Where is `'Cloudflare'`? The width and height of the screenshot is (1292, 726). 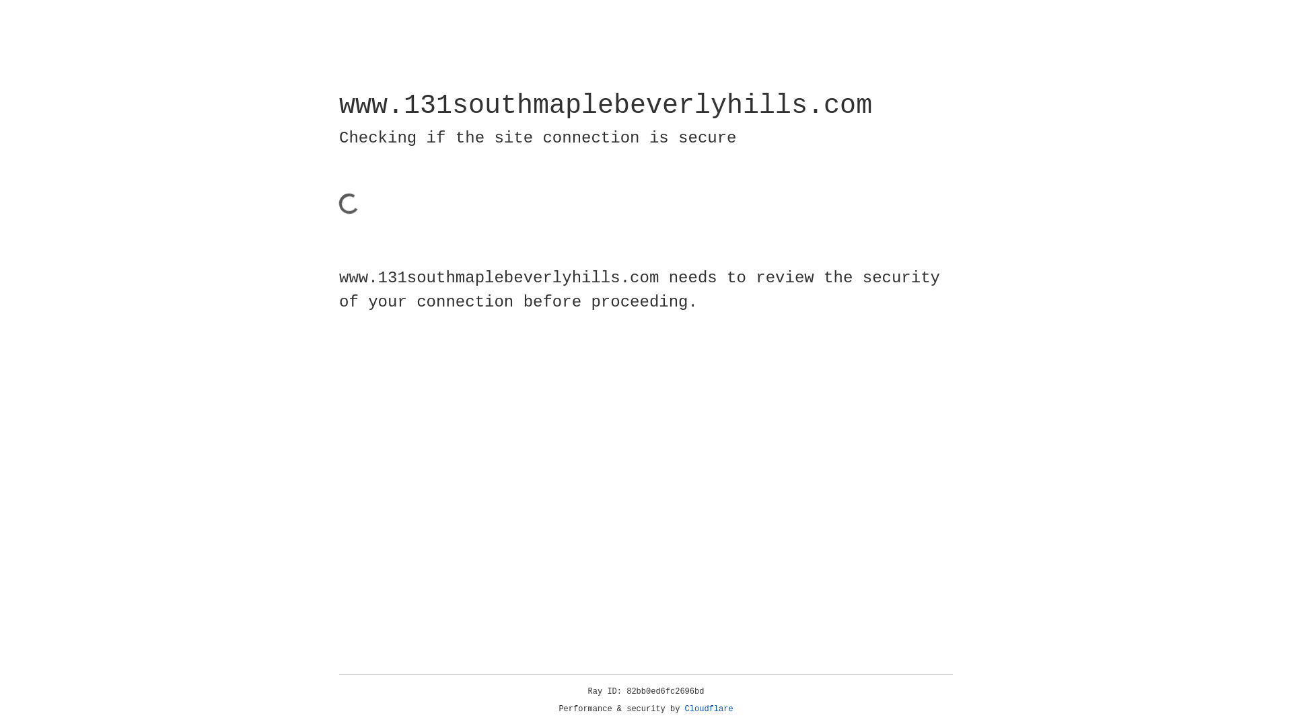
'Cloudflare' is located at coordinates (709, 709).